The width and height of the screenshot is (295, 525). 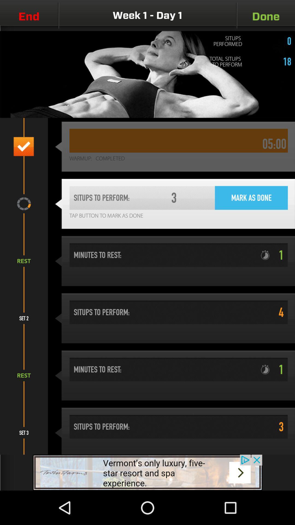 I want to click on the videocam icon, so click(x=29, y=15).